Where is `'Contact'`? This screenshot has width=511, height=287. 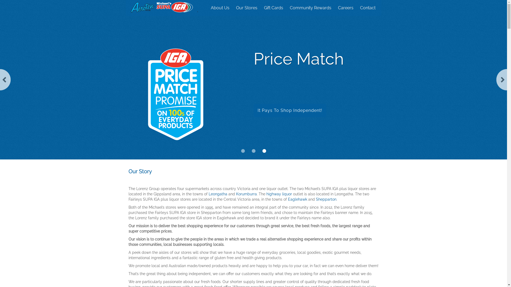 'Contact' is located at coordinates (367, 8).